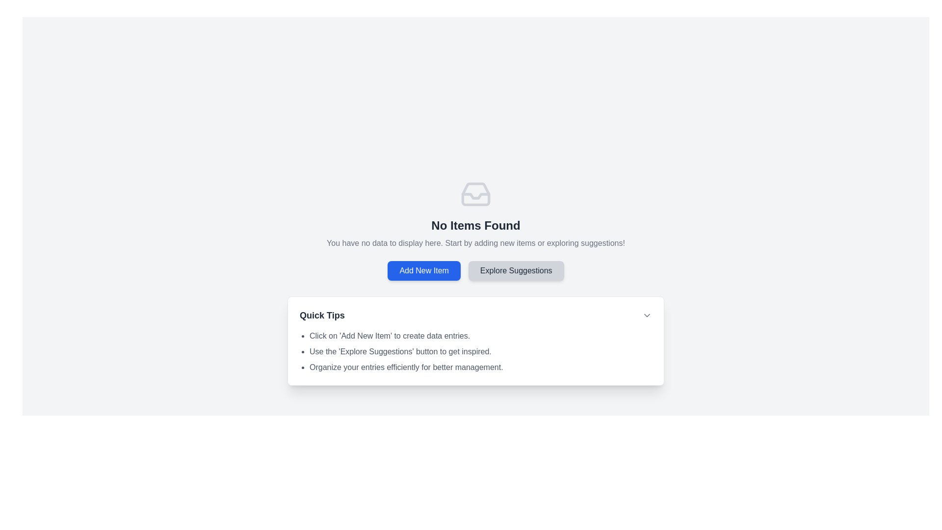 Image resolution: width=942 pixels, height=530 pixels. I want to click on the icon button located to the far right of the 'Quick Tips' section header, so click(647, 316).